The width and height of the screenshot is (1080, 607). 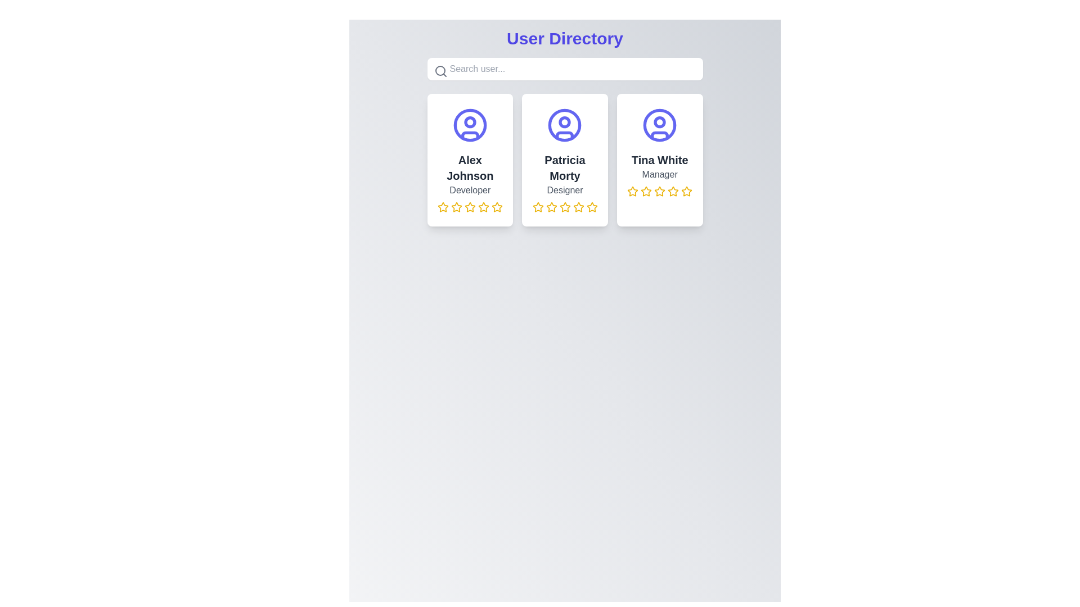 What do you see at coordinates (456, 207) in the screenshot?
I see `the third star icon` at bounding box center [456, 207].